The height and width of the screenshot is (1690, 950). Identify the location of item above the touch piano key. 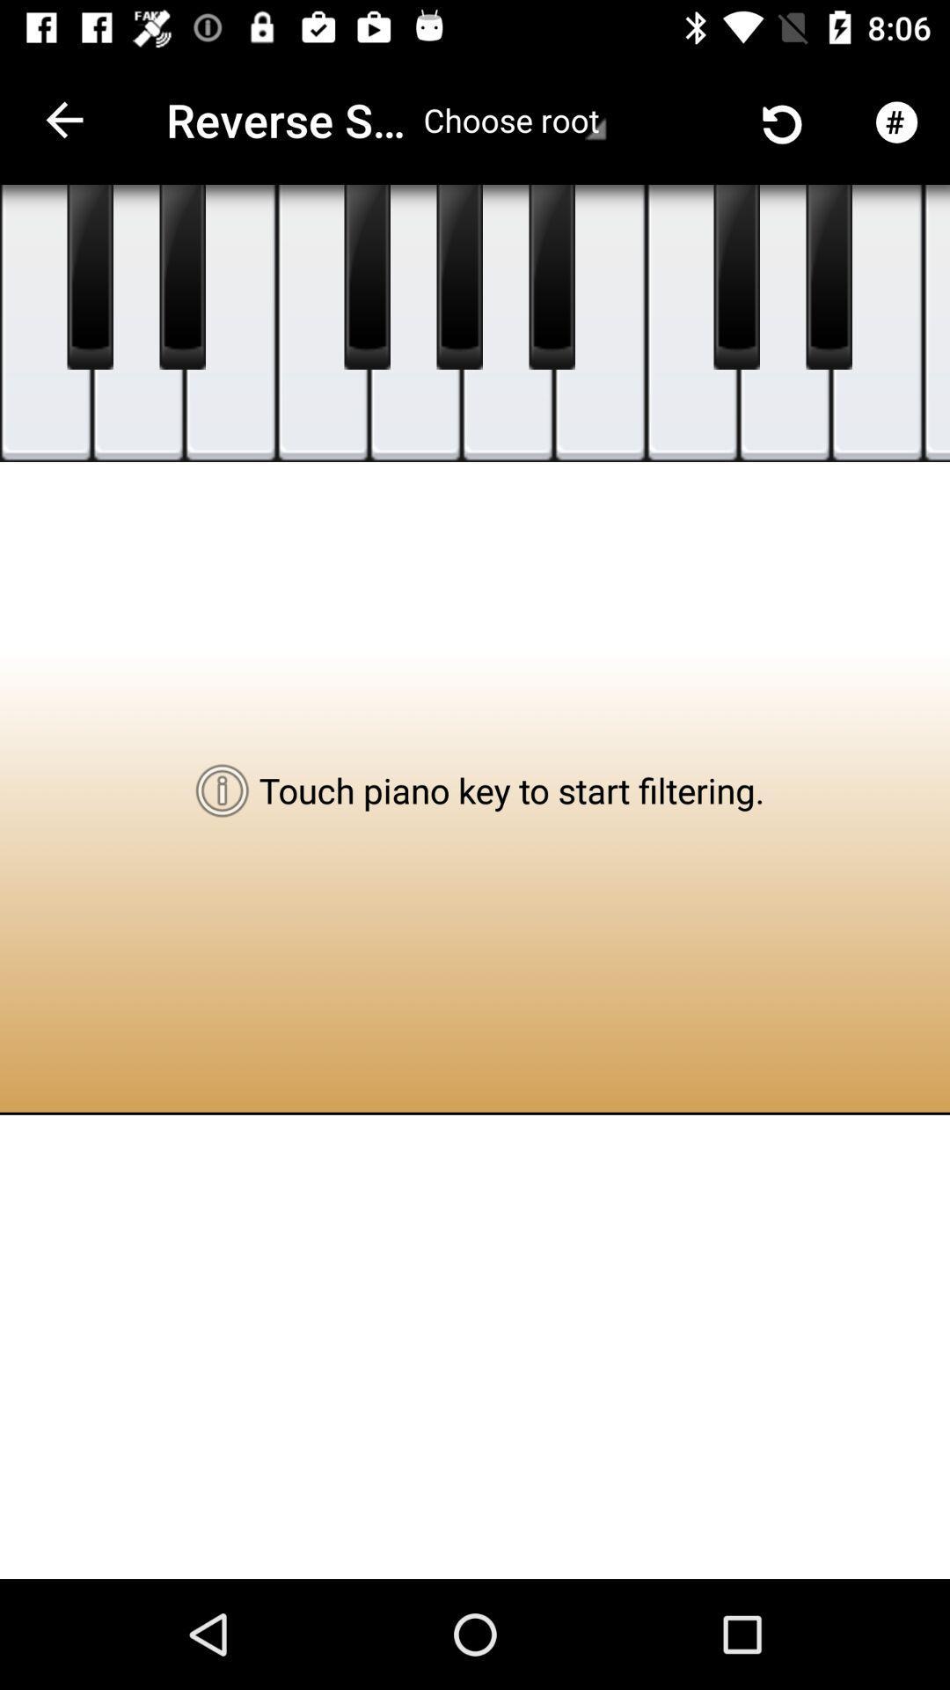
(415, 323).